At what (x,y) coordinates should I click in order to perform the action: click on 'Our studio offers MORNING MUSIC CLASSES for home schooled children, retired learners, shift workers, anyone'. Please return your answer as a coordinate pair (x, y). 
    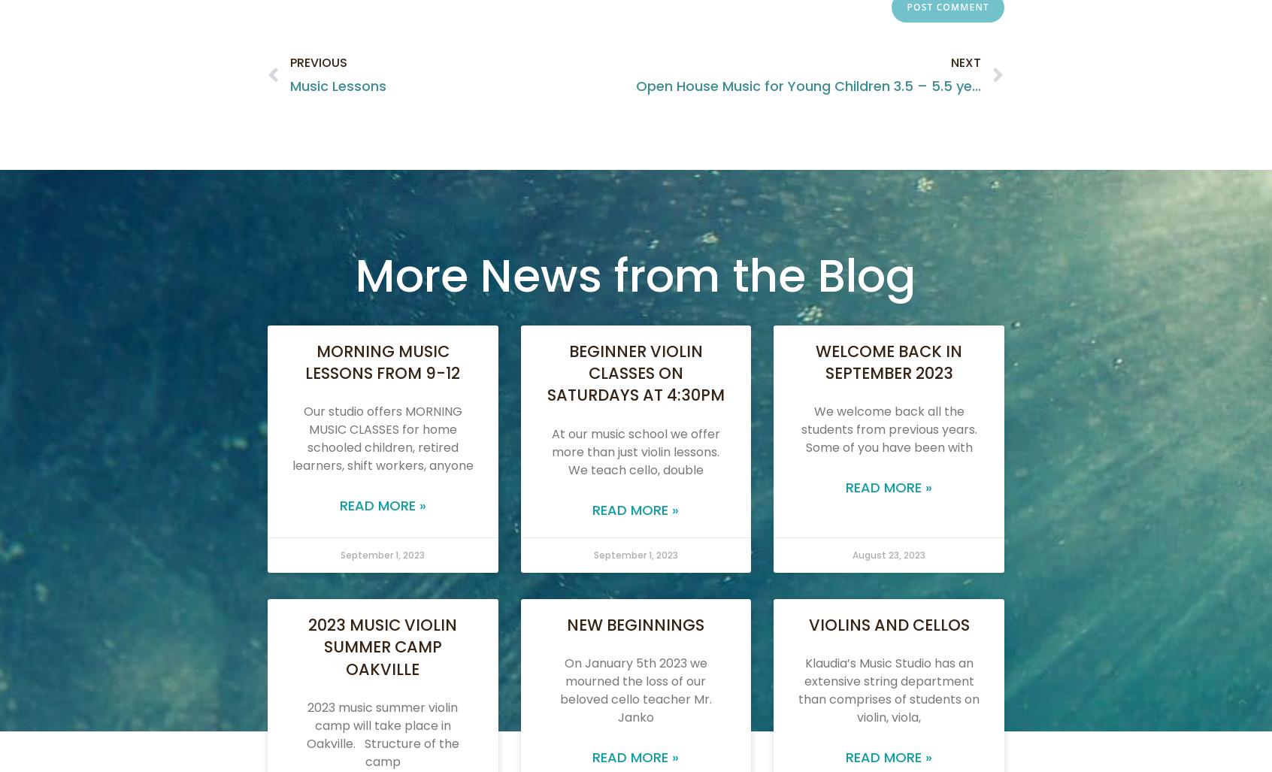
    Looking at the image, I should click on (382, 438).